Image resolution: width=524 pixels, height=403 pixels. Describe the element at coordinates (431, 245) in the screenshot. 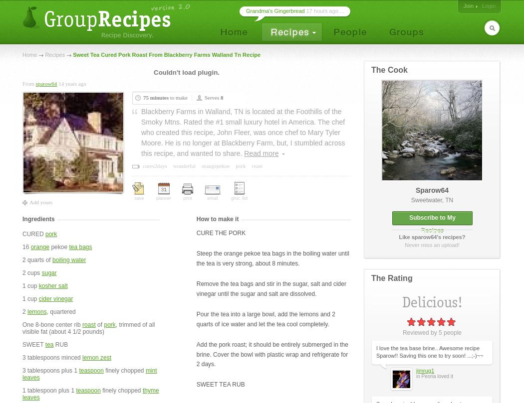

I see `'Never miss an upload!'` at that location.